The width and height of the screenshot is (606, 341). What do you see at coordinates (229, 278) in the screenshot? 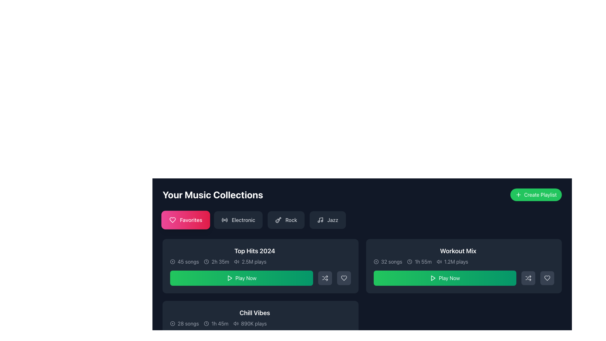
I see `the play icon located within the green 'Play Now' button to initiate playback of the music` at bounding box center [229, 278].